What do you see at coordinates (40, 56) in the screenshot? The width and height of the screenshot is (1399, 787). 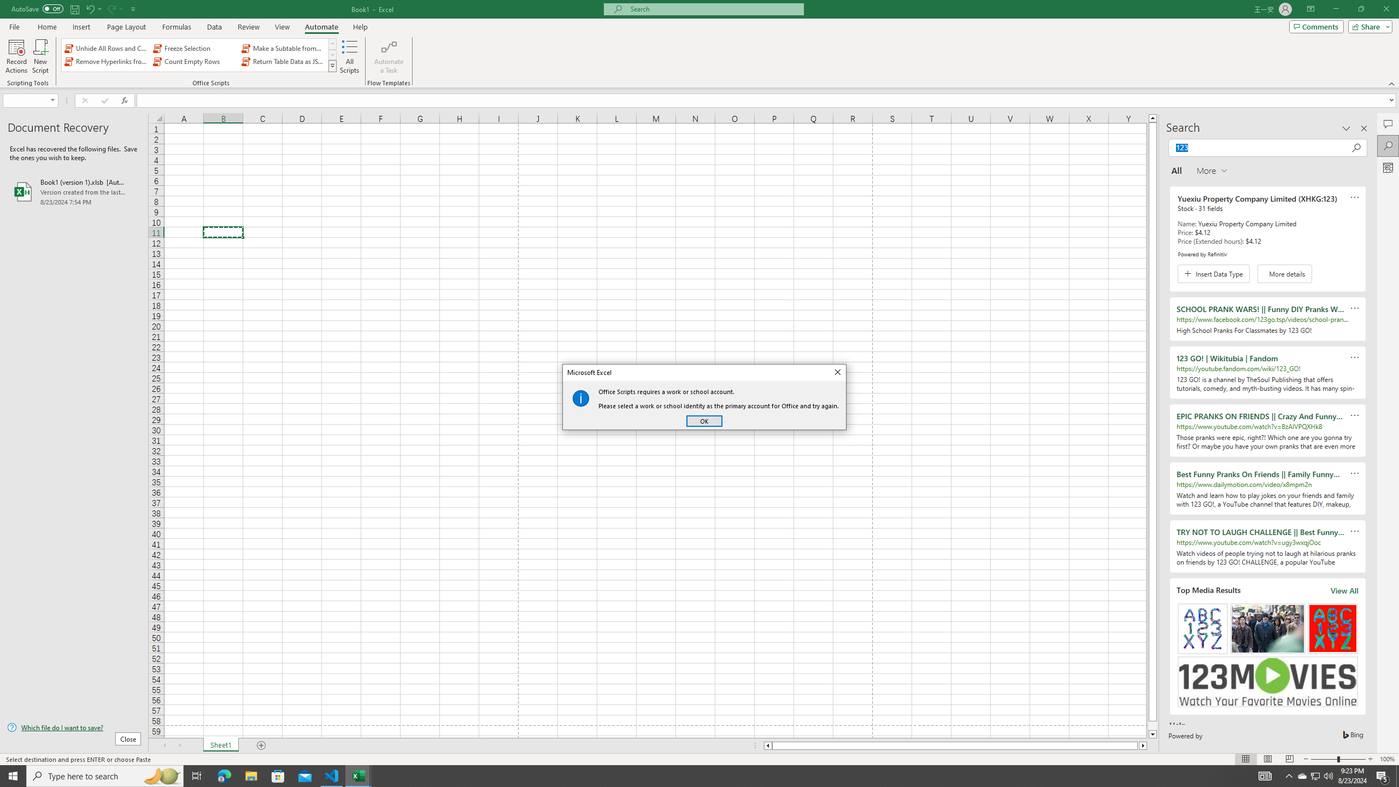 I see `'New Script'` at bounding box center [40, 56].